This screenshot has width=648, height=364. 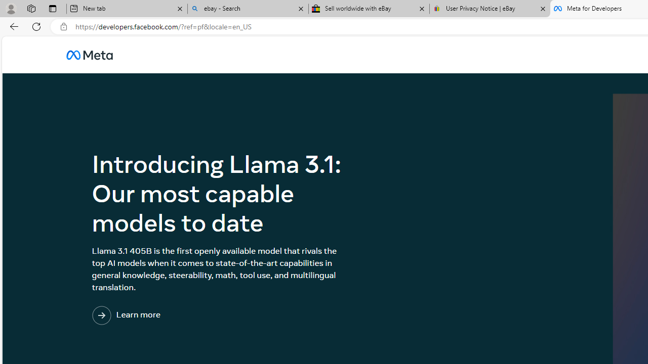 I want to click on 'AutomationID: u_0_25_3H', so click(x=89, y=55).